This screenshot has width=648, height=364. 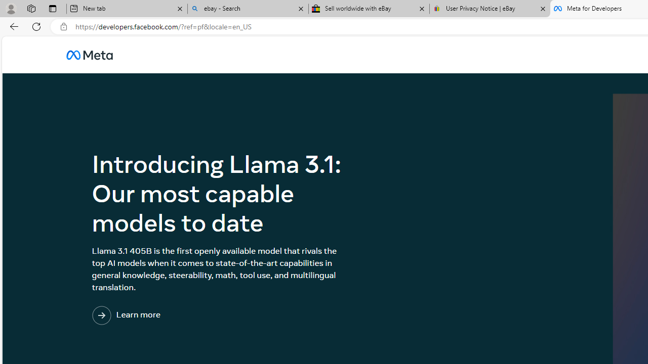 I want to click on 'AutomationID: u_0_25_3H', so click(x=89, y=55).